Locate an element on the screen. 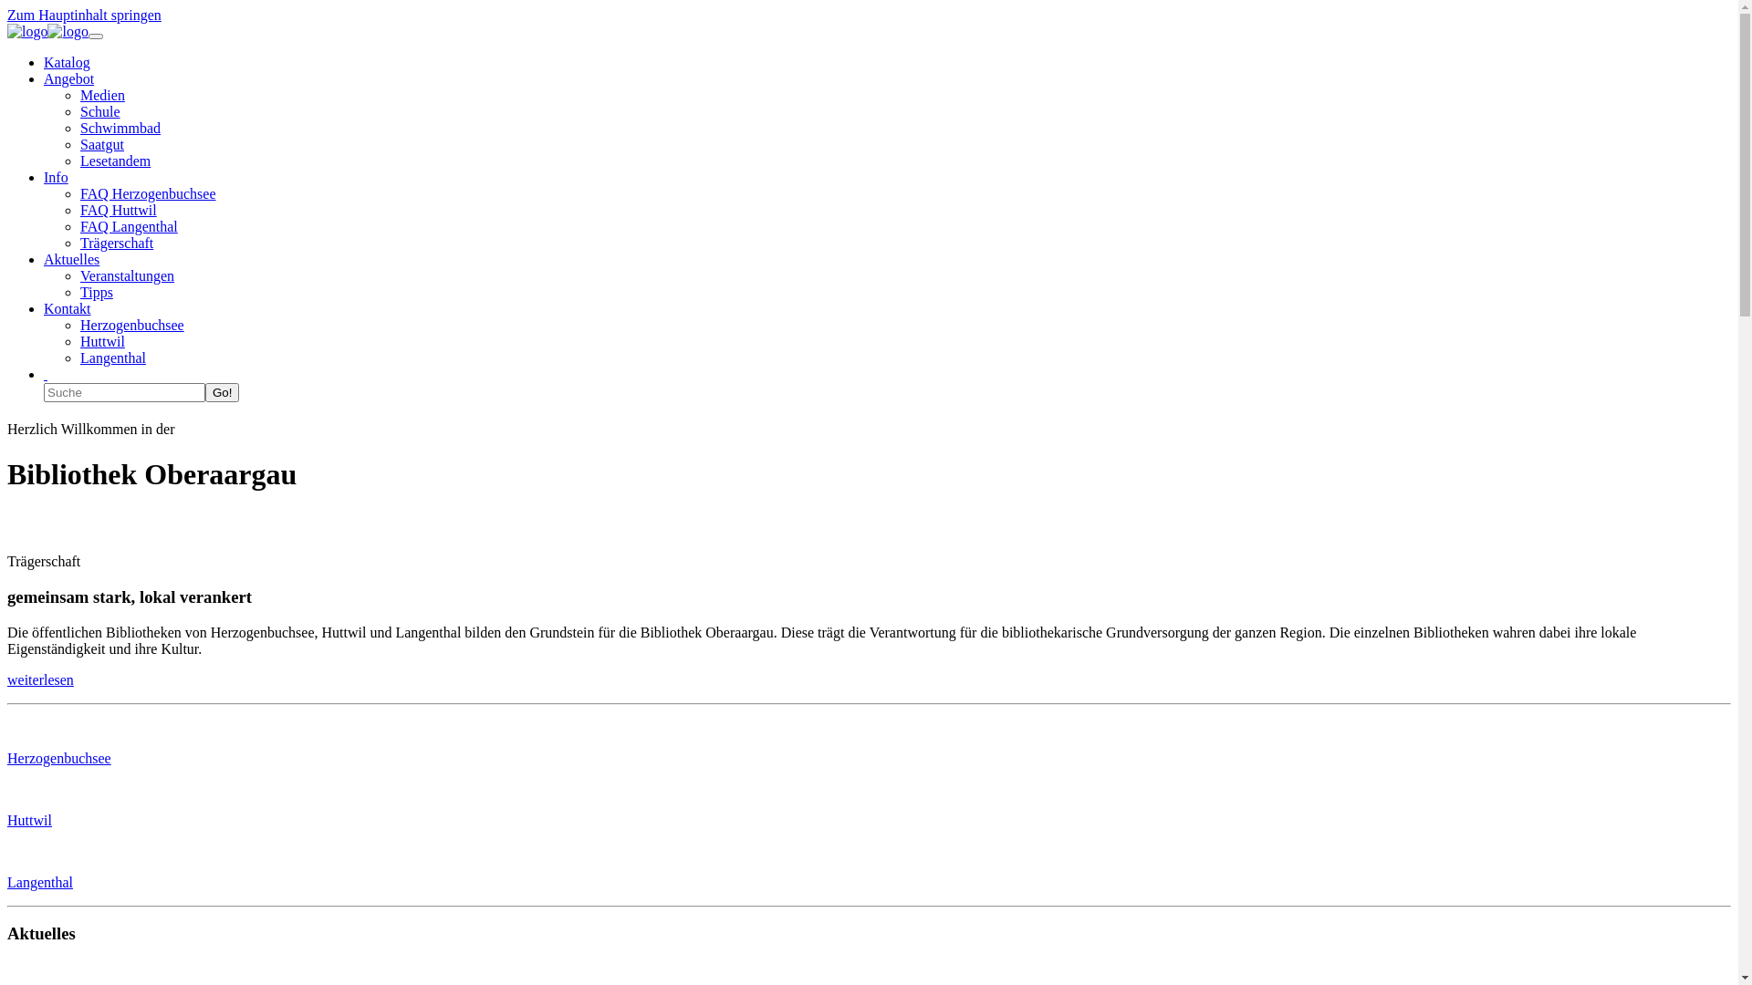  'Herzogenbuchsee' is located at coordinates (130, 324).